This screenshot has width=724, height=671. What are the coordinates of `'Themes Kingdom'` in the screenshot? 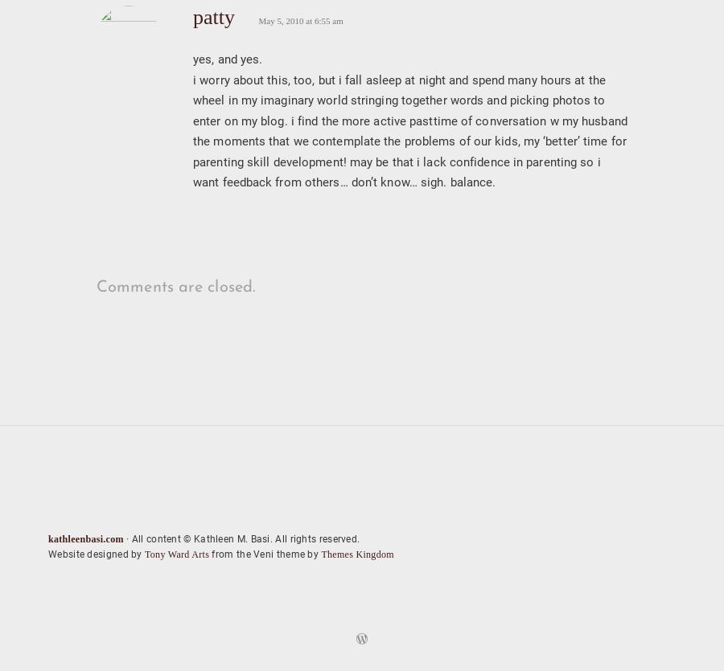 It's located at (320, 554).